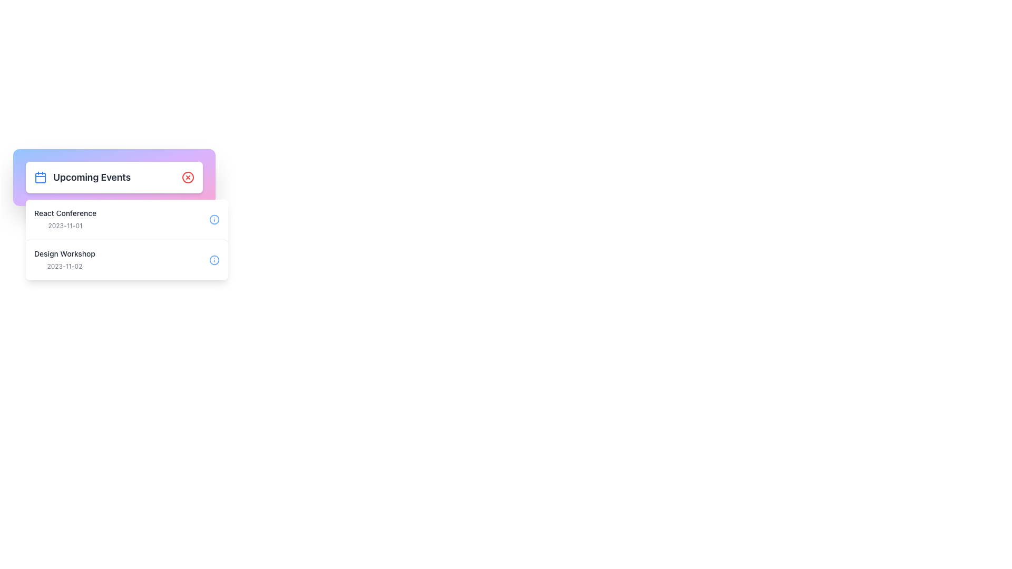 This screenshot has height=569, width=1012. Describe the element at coordinates (126, 260) in the screenshot. I see `the info panel displaying the upcoming event 'Design Workshop' scheduled on '2023-11-02'` at that location.